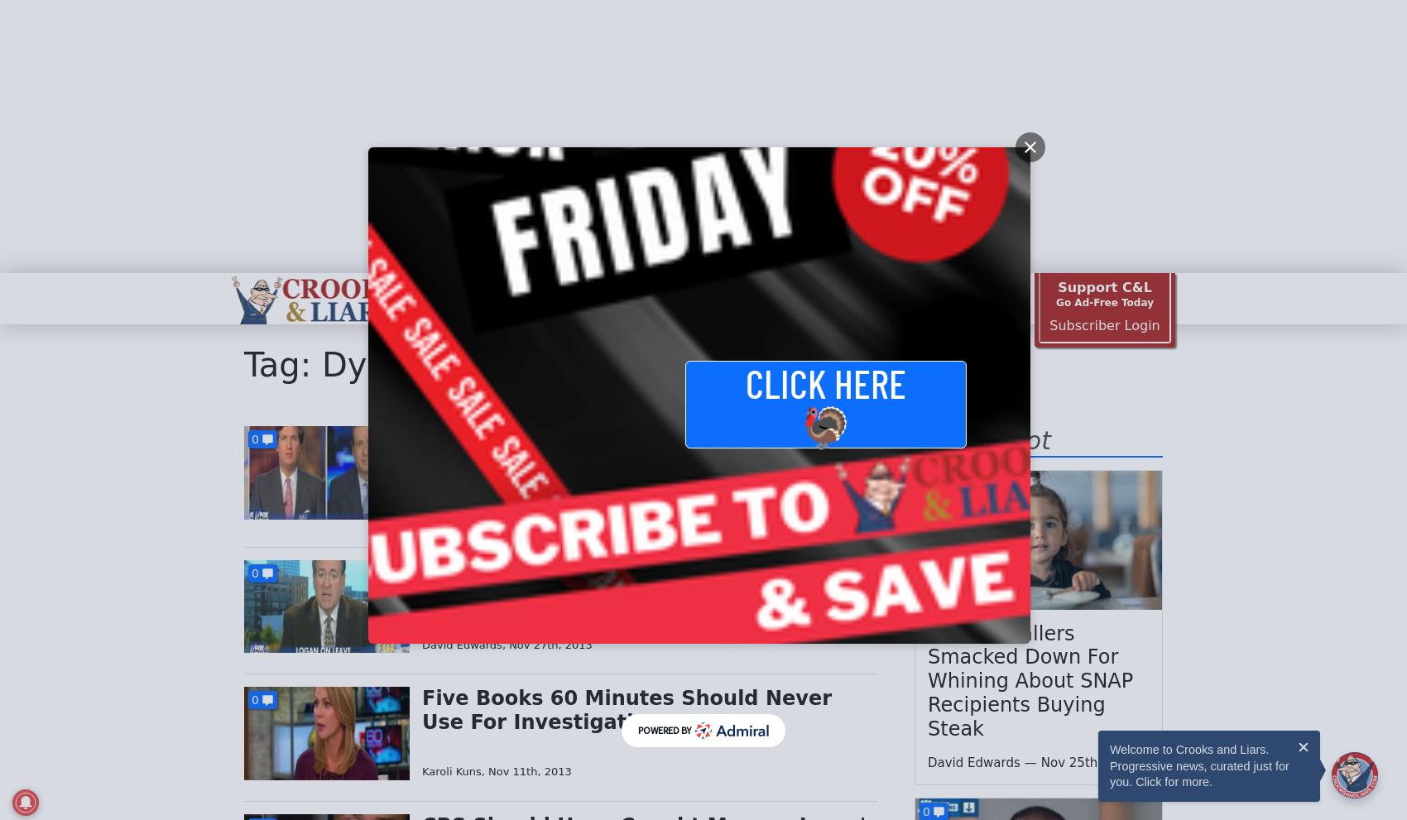  I want to click on 'CLTV', so click(429, 298).